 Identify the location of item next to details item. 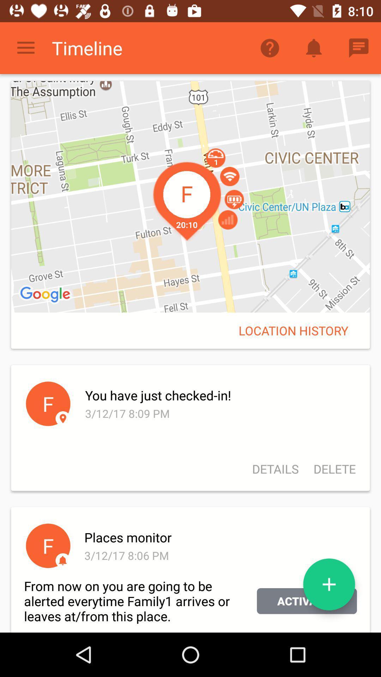
(331, 469).